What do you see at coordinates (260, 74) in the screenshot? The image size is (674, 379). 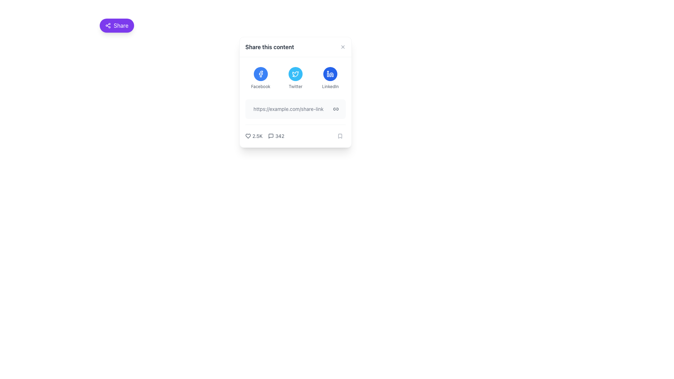 I see `the Facebook logo icon located at the top-left of the sharing options section` at bounding box center [260, 74].